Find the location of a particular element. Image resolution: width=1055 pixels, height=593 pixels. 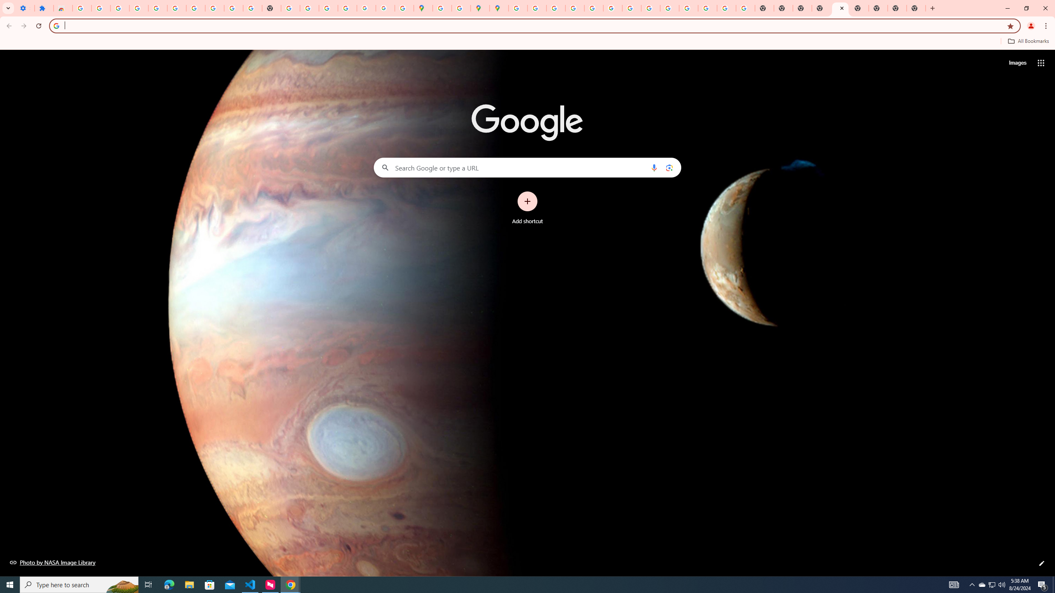

'System' is located at coordinates (5, 4).